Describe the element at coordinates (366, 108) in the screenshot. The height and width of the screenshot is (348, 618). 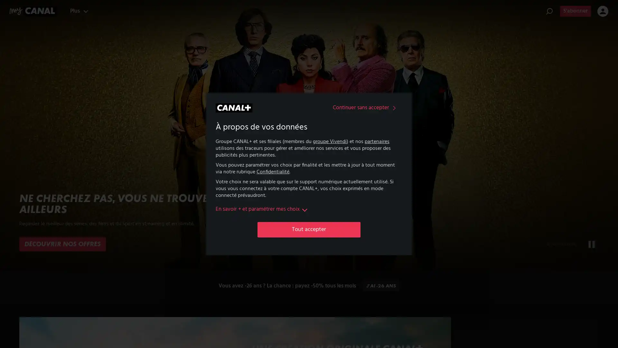
I see `Continuer sans accepter notre traitement des donnees` at that location.